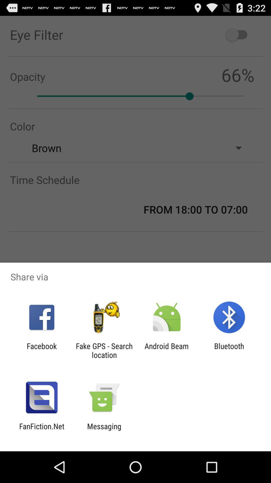  Describe the element at coordinates (167, 350) in the screenshot. I see `the android beam app` at that location.